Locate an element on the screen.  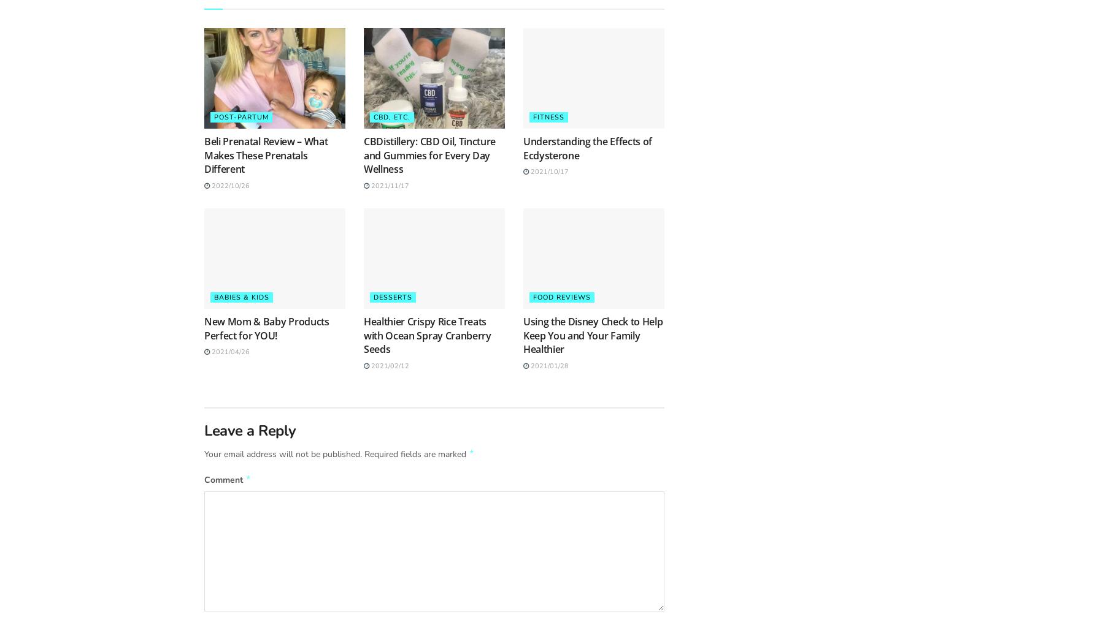
'Desserts' is located at coordinates (392, 297).